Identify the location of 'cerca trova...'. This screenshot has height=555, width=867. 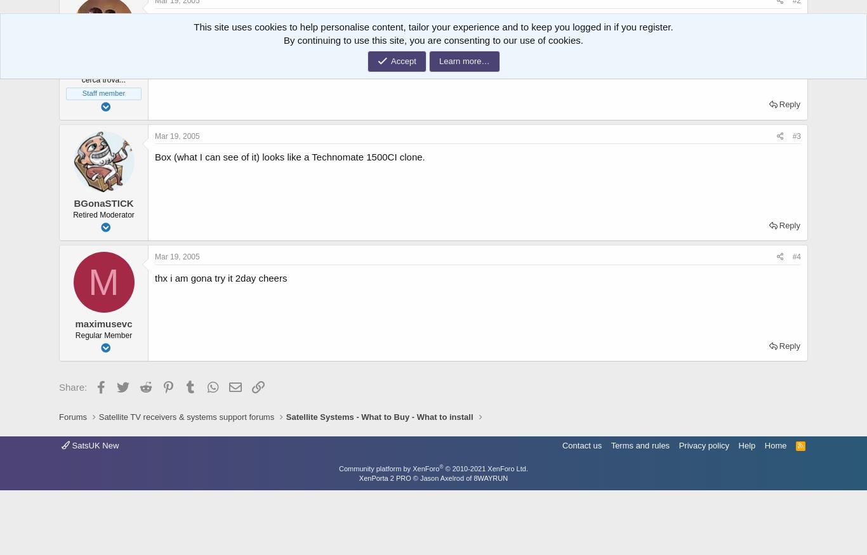
(102, 79).